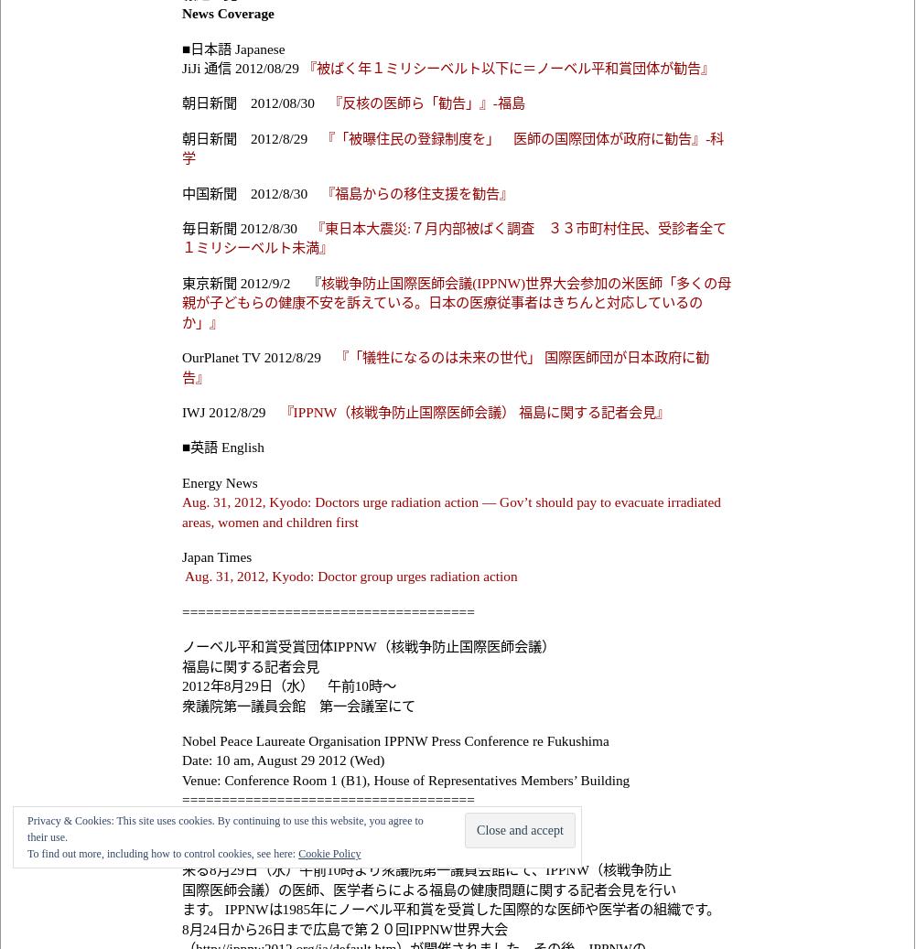 Image resolution: width=916 pixels, height=949 pixels. What do you see at coordinates (456, 300) in the screenshot?
I see `'核戦争防止国際医師会議(IPPNW)世界大会参加の米医師「多くの母親が子どもらの健康不安を訴えている。日本の医療従事者はきちんと対応しているのか」』'` at bounding box center [456, 300].